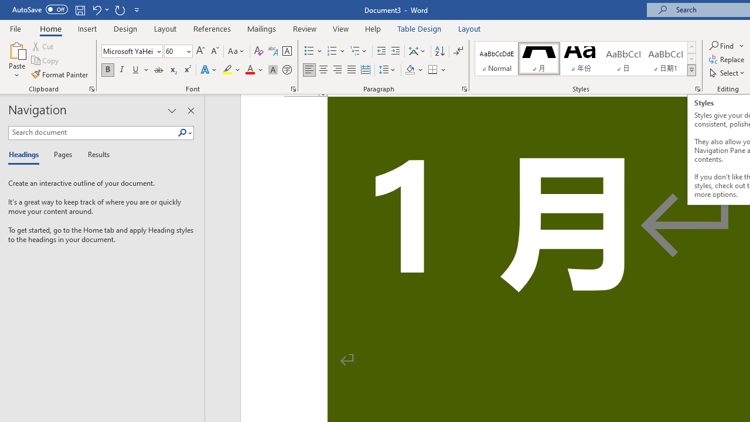 The height and width of the screenshot is (422, 750). I want to click on 'Select', so click(727, 73).